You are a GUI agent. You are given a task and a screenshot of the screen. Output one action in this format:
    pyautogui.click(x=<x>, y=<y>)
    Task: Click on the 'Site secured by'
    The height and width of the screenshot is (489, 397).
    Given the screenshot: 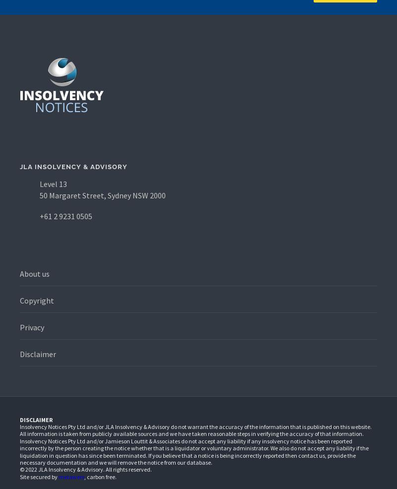 What is the action you would take?
    pyautogui.click(x=39, y=476)
    